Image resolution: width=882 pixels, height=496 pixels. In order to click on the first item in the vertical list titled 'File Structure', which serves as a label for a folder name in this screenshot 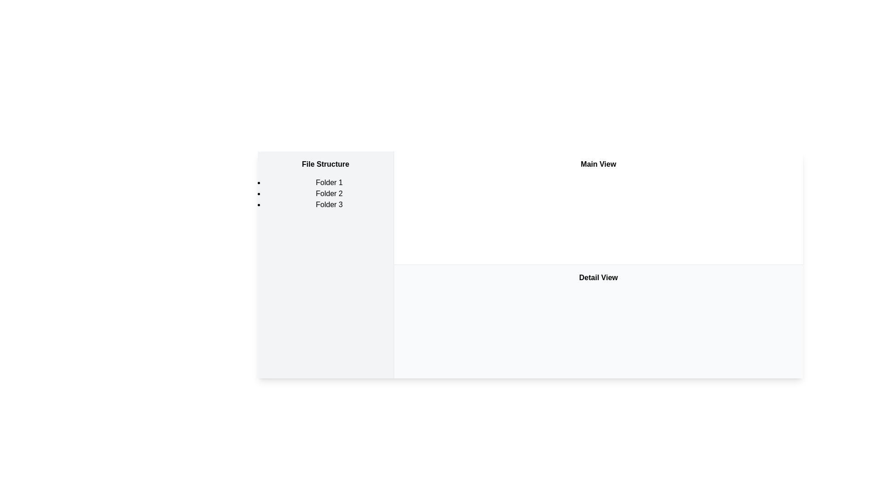, I will do `click(329, 182)`.